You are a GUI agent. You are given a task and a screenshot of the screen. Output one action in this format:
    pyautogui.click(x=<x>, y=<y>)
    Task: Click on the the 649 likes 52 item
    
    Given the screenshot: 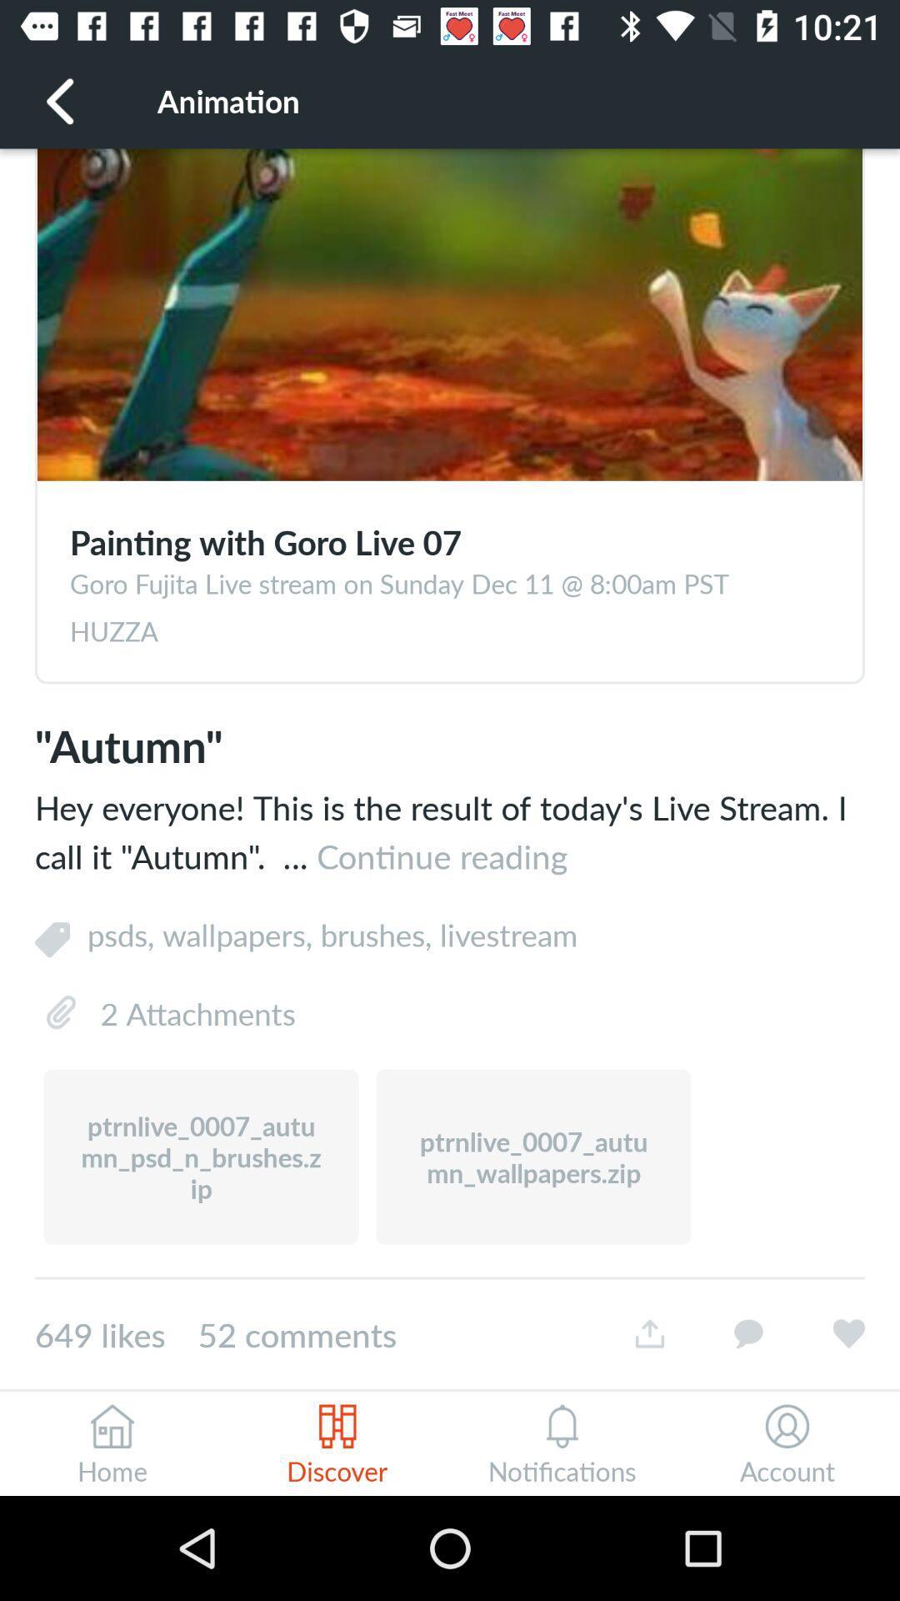 What is the action you would take?
    pyautogui.click(x=317, y=1334)
    